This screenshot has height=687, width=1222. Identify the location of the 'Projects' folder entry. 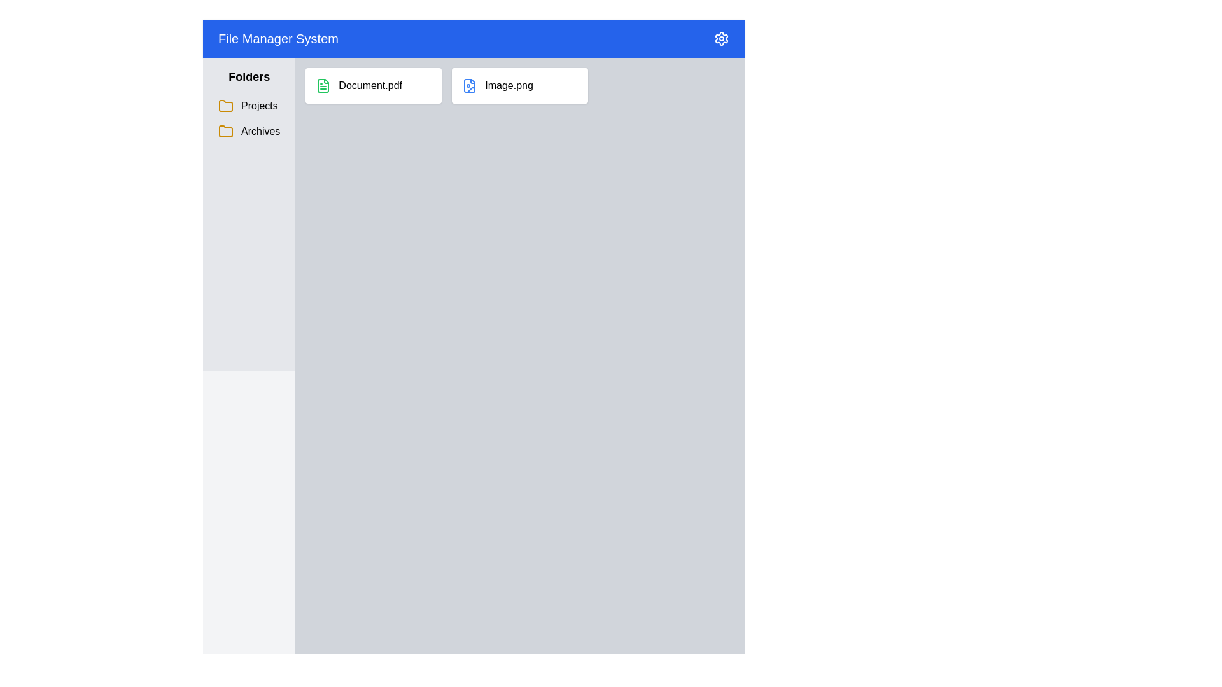
(249, 118).